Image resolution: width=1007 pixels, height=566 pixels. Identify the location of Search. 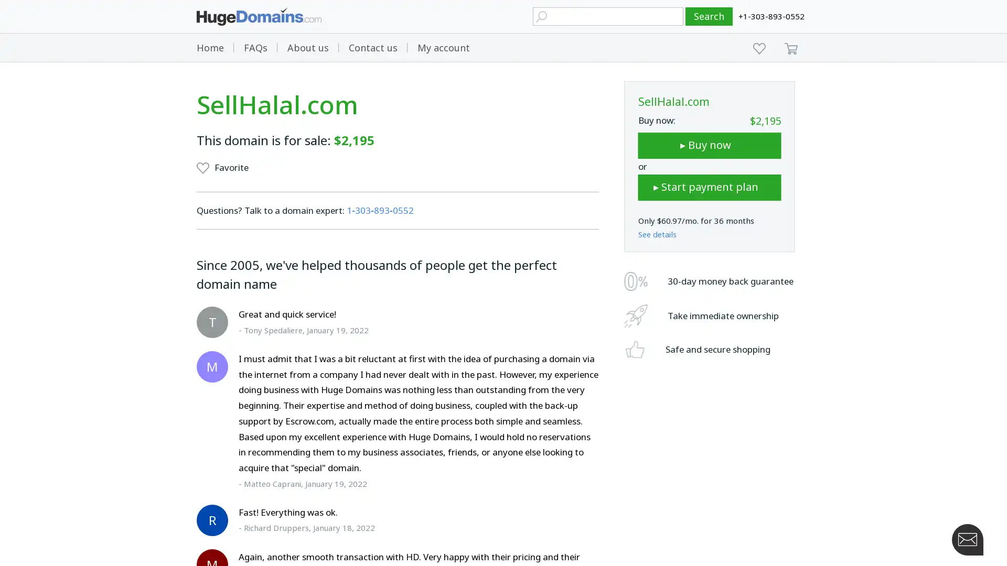
(709, 16).